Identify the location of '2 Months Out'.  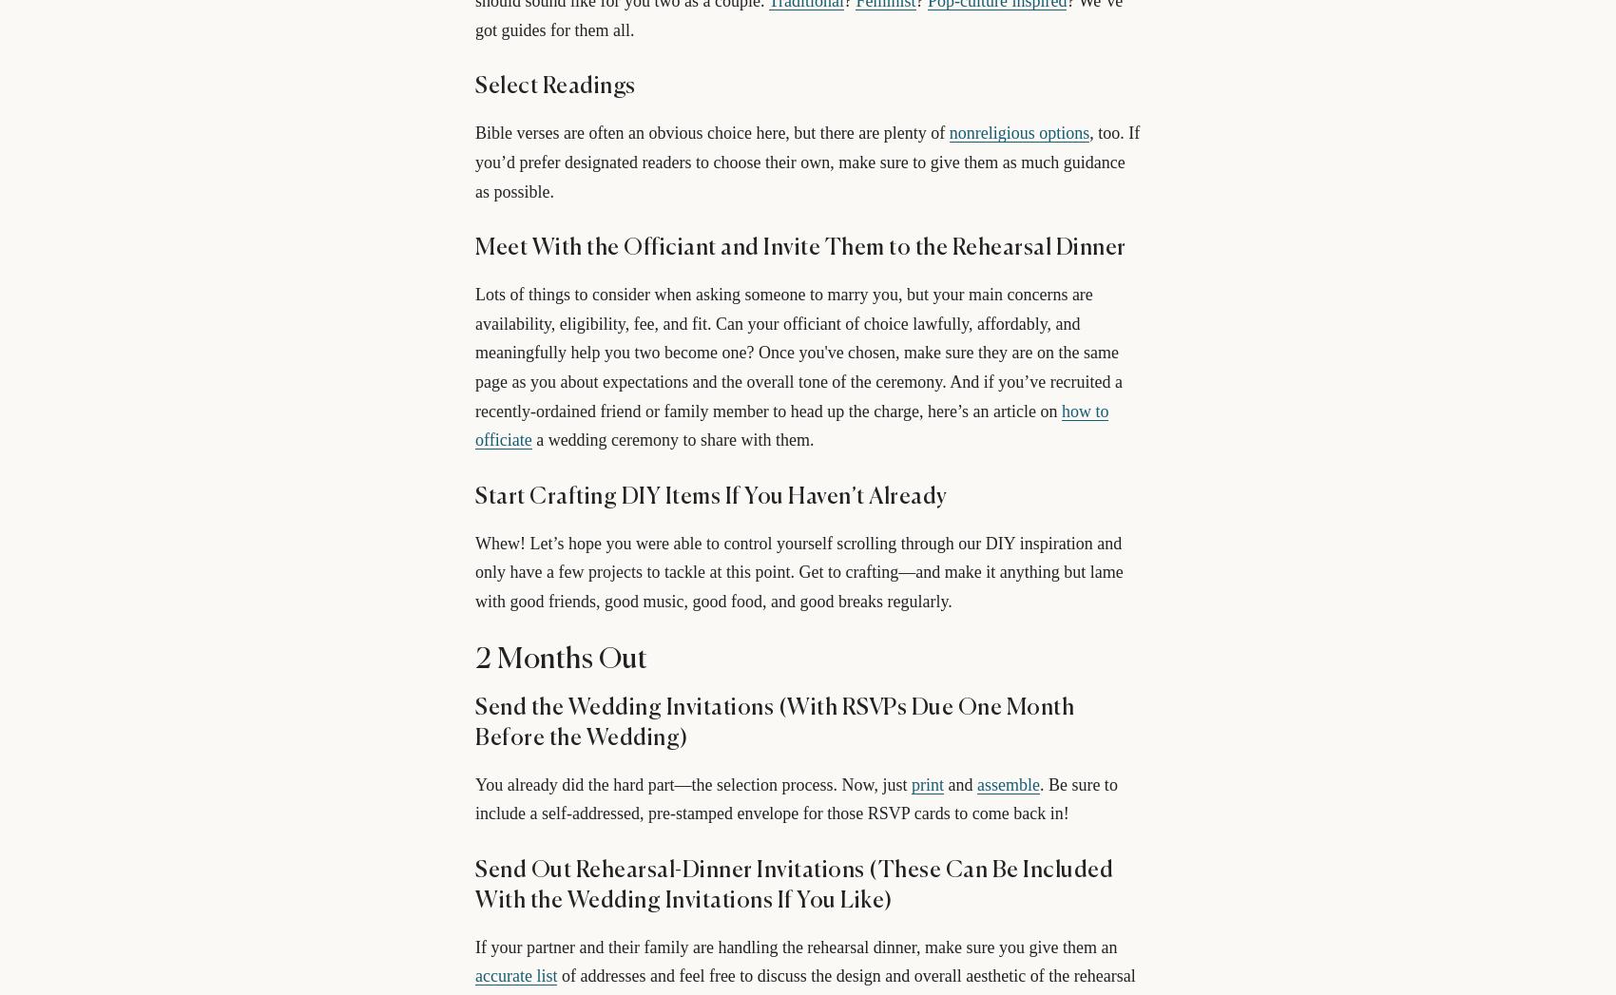
(560, 658).